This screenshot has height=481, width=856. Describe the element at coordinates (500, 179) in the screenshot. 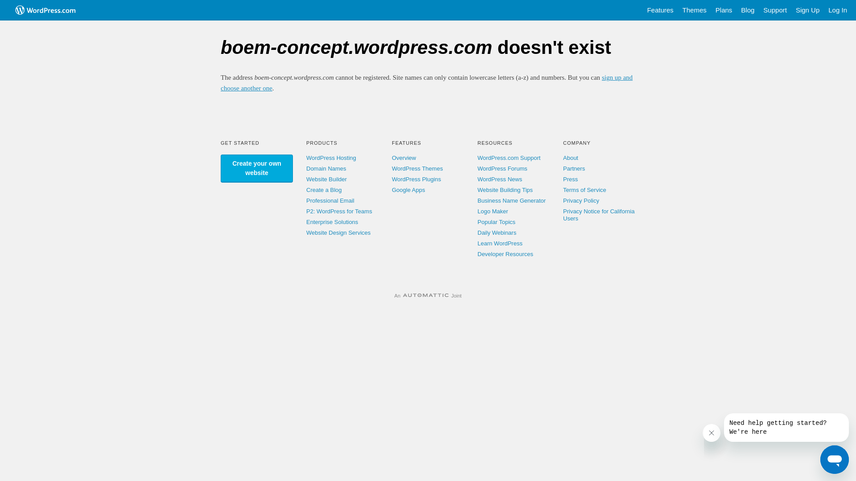

I see `'WordPress News'` at that location.